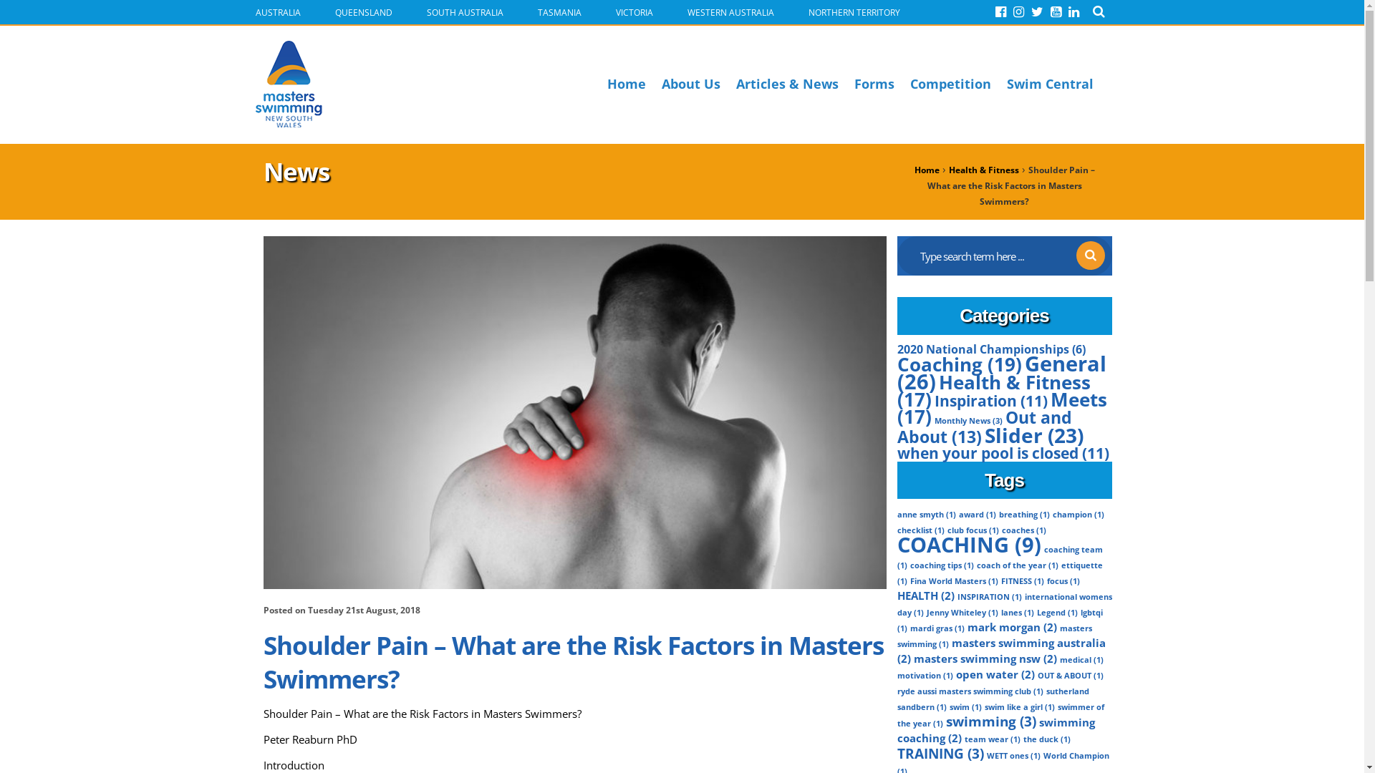 The height and width of the screenshot is (773, 1375). I want to click on 'Competition', so click(950, 83).